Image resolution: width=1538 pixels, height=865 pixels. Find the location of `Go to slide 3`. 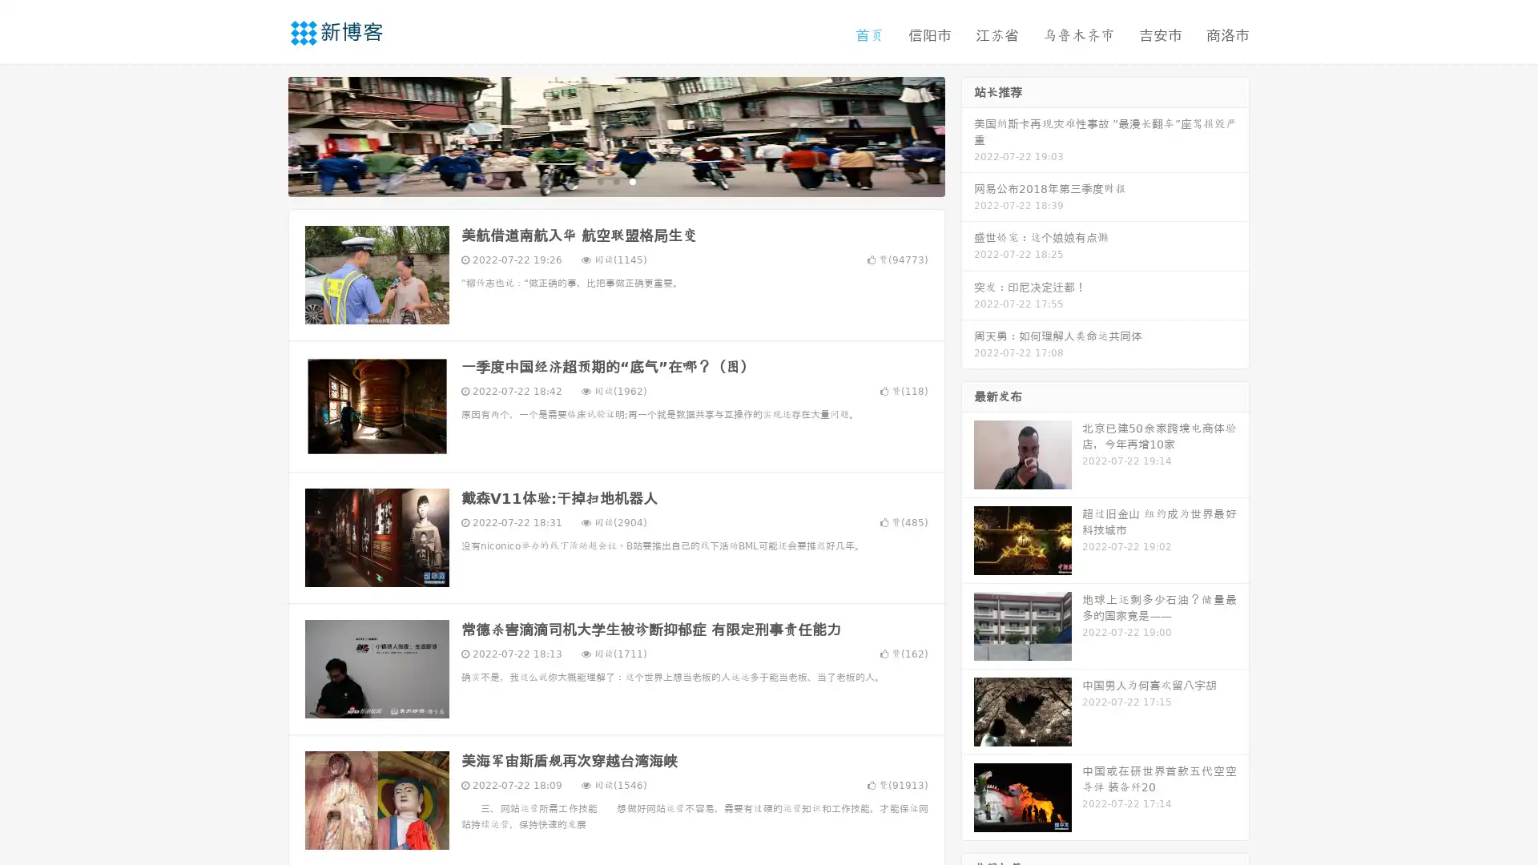

Go to slide 3 is located at coordinates (632, 180).